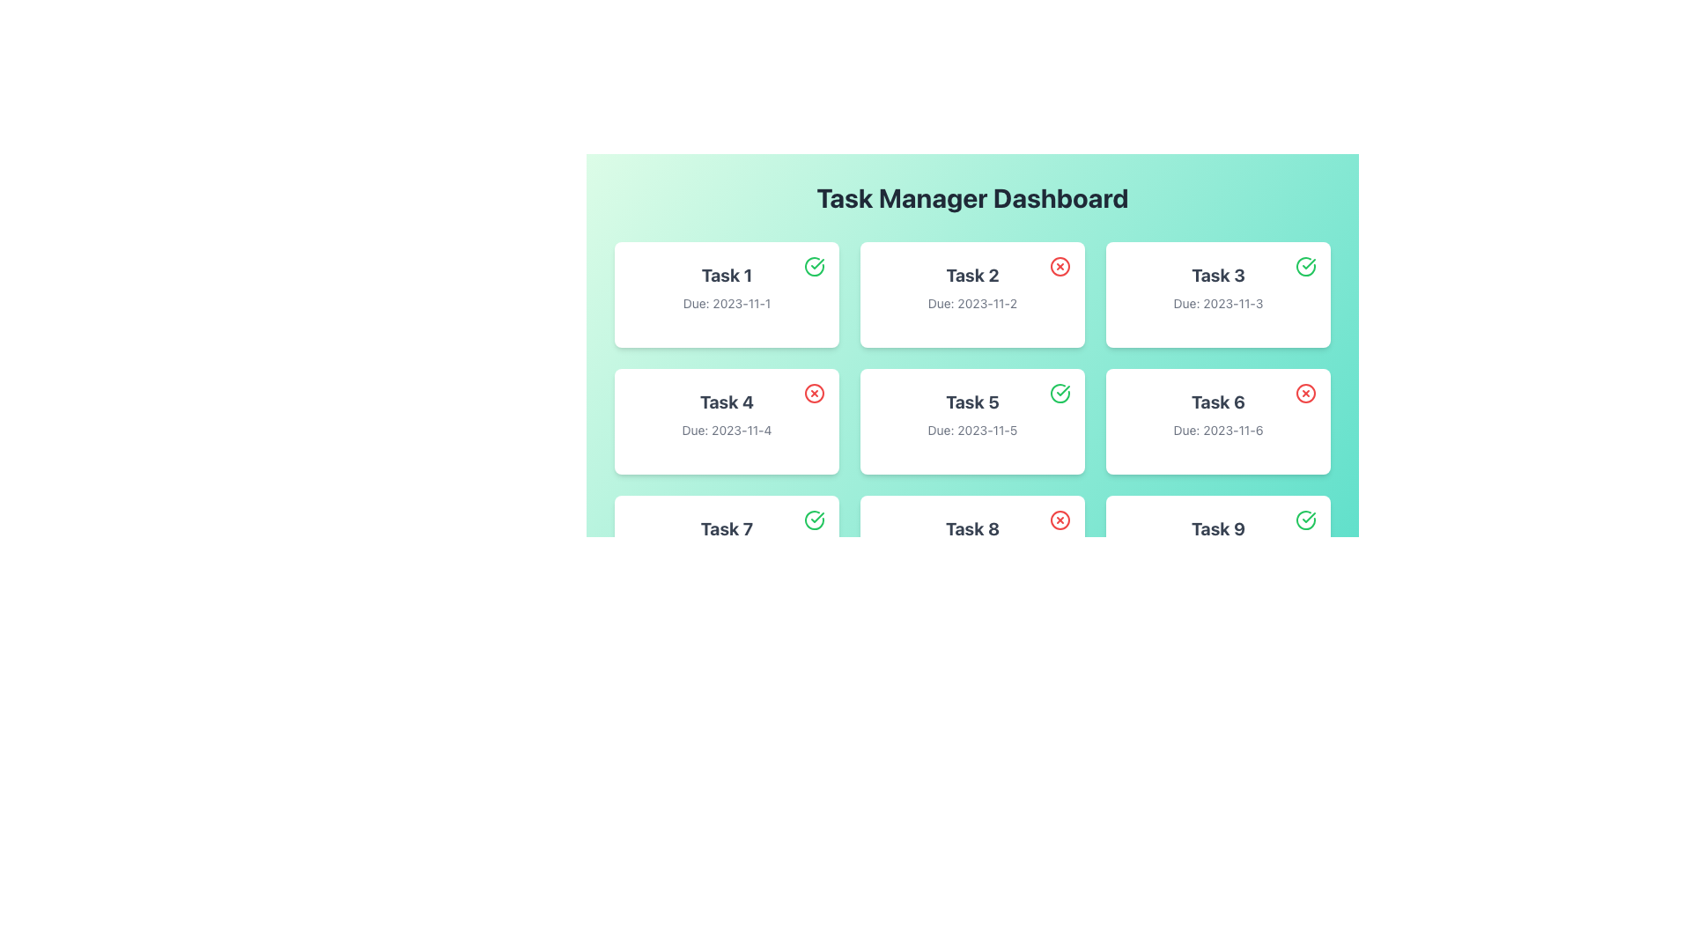  I want to click on the text label displaying the title 'Task 5' in bold, centrally aligned within its card, positioned above the due date text, so click(971, 402).